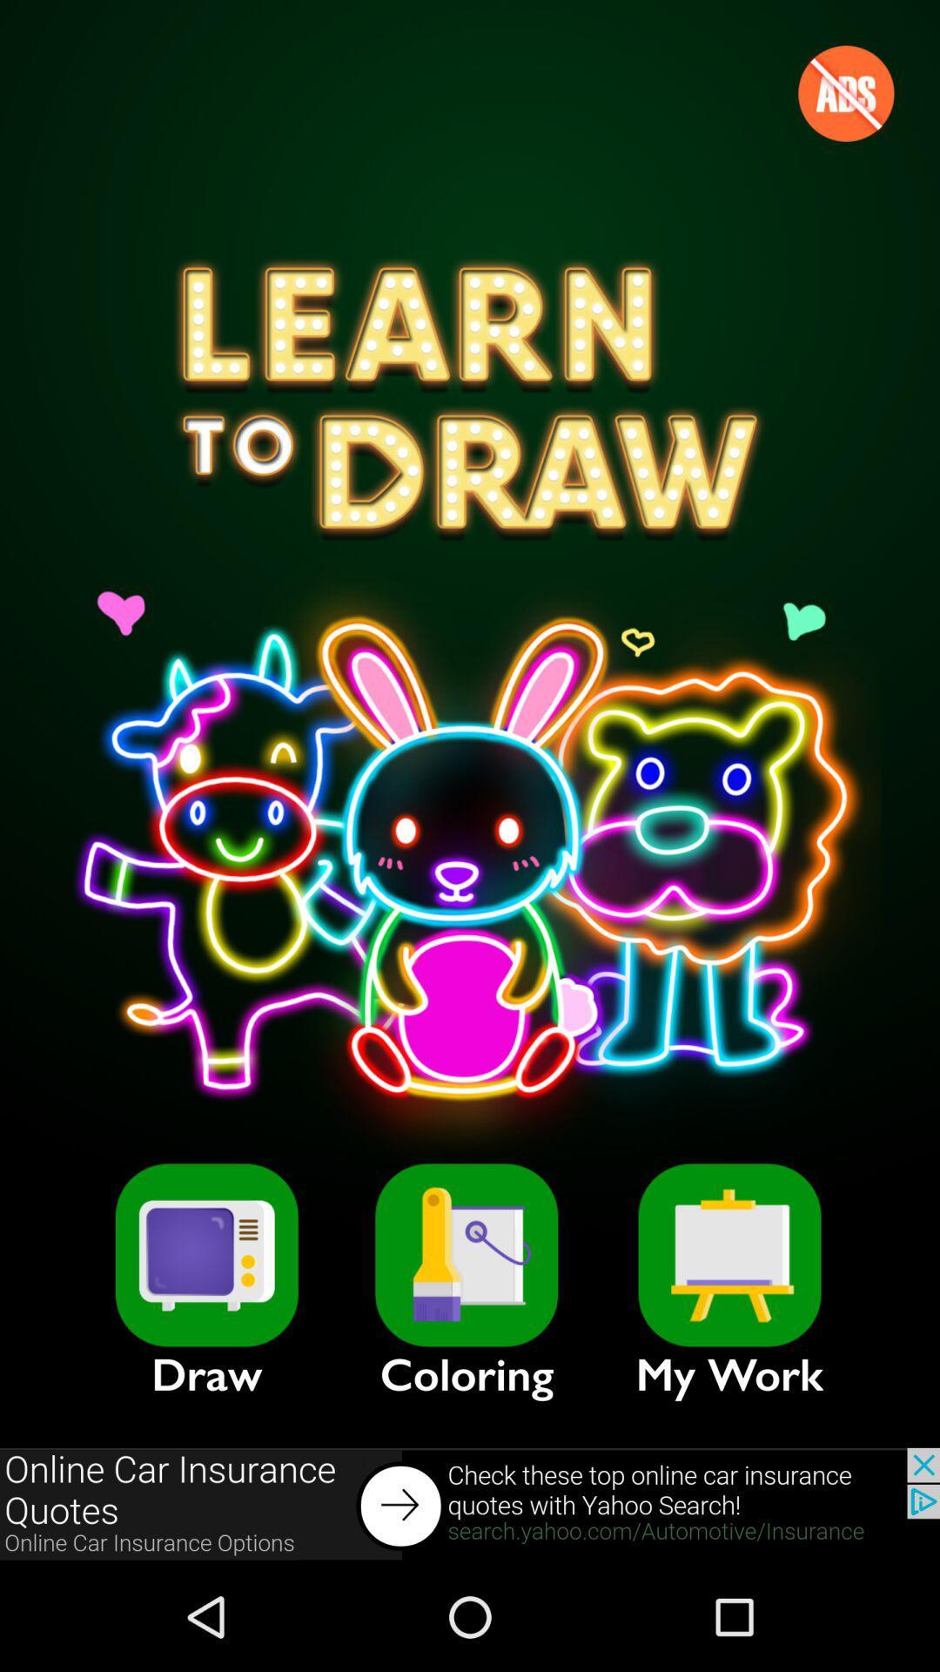 The width and height of the screenshot is (940, 1672). Describe the element at coordinates (466, 1255) in the screenshot. I see `choose coloring` at that location.